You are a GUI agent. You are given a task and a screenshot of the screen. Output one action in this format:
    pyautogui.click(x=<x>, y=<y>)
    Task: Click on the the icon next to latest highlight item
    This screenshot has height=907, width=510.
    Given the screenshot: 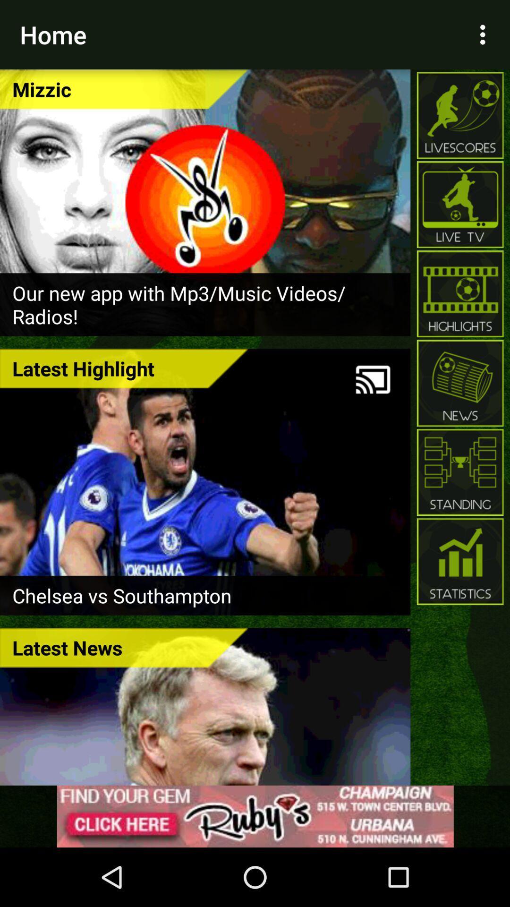 What is the action you would take?
    pyautogui.click(x=373, y=379)
    